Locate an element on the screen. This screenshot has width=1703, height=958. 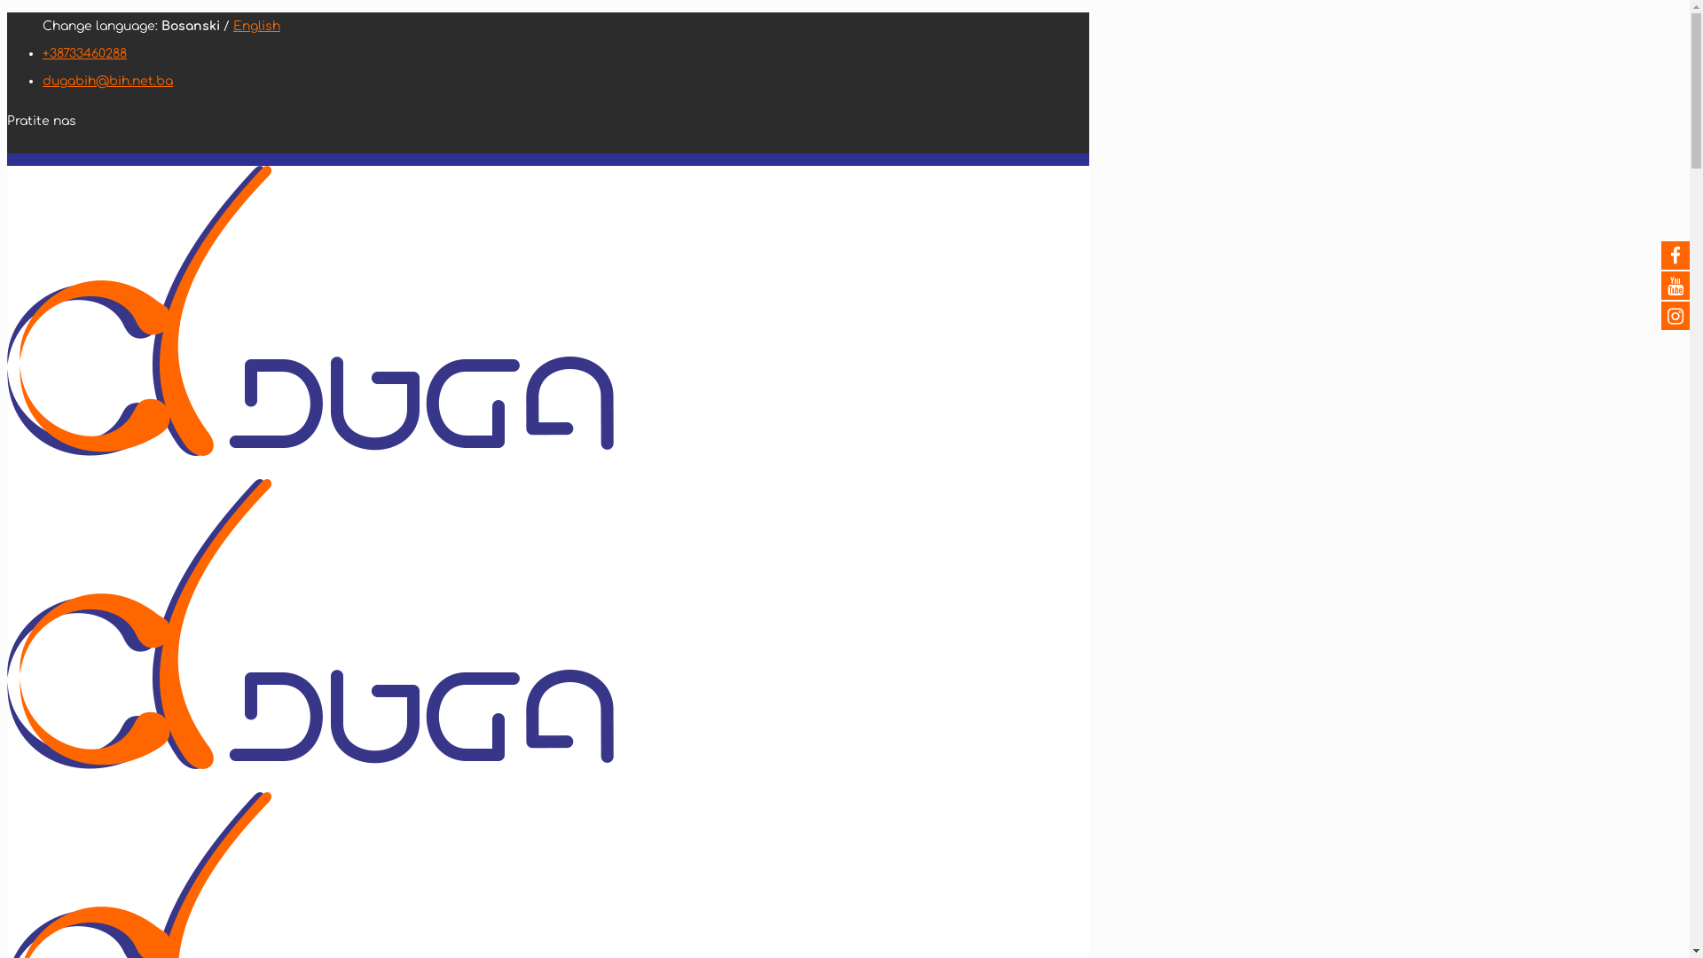
'+38733460288' is located at coordinates (83, 52).